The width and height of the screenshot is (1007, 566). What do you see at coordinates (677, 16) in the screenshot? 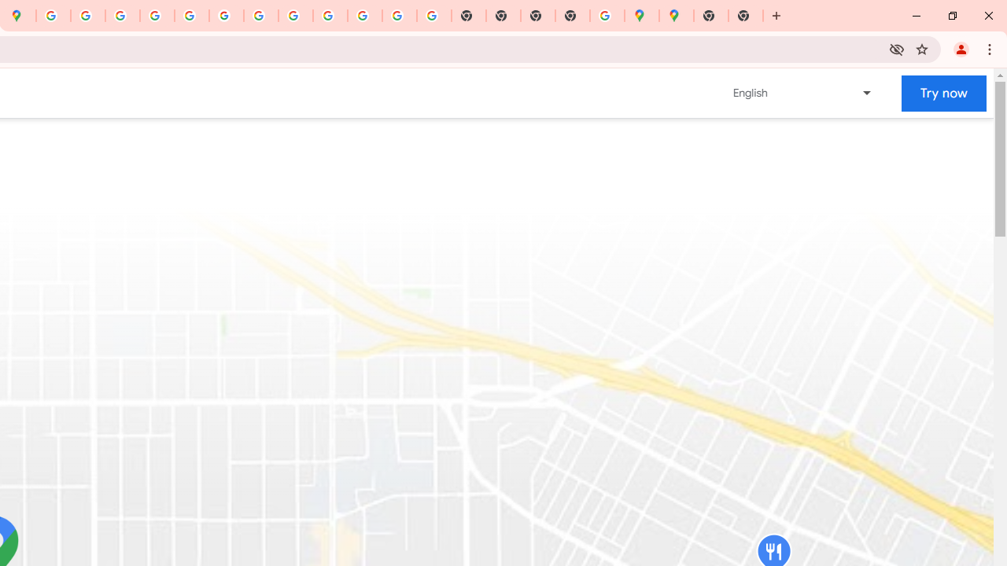
I see `'Google Maps'` at bounding box center [677, 16].